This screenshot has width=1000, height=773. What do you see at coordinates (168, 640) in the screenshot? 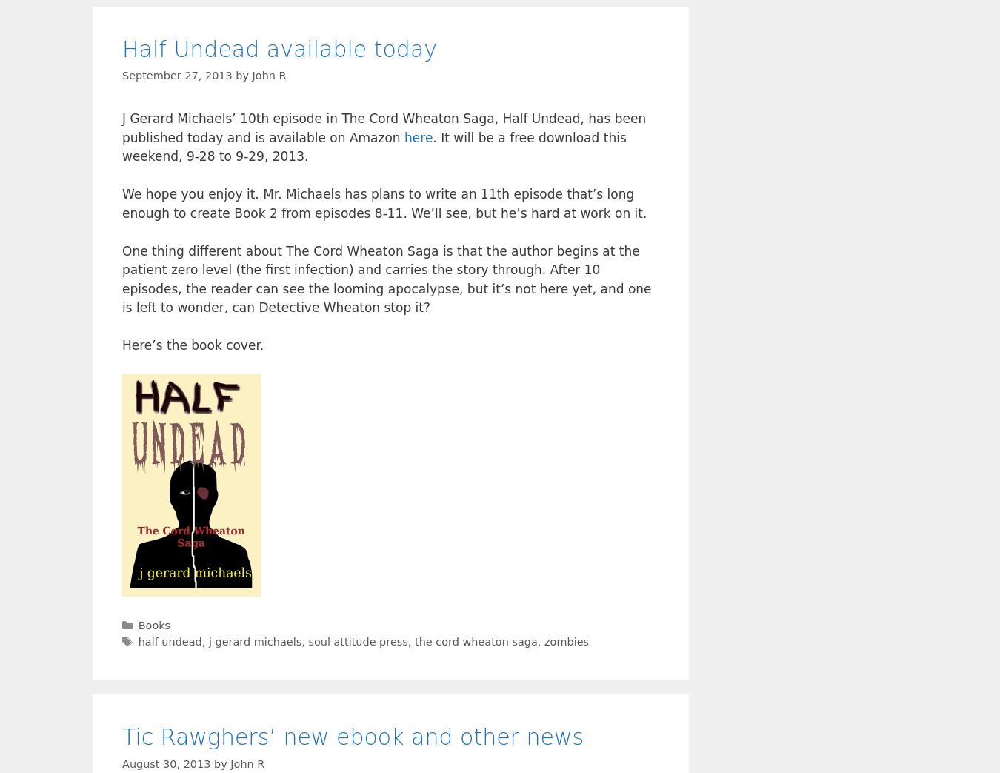
I see `'half undead'` at bounding box center [168, 640].